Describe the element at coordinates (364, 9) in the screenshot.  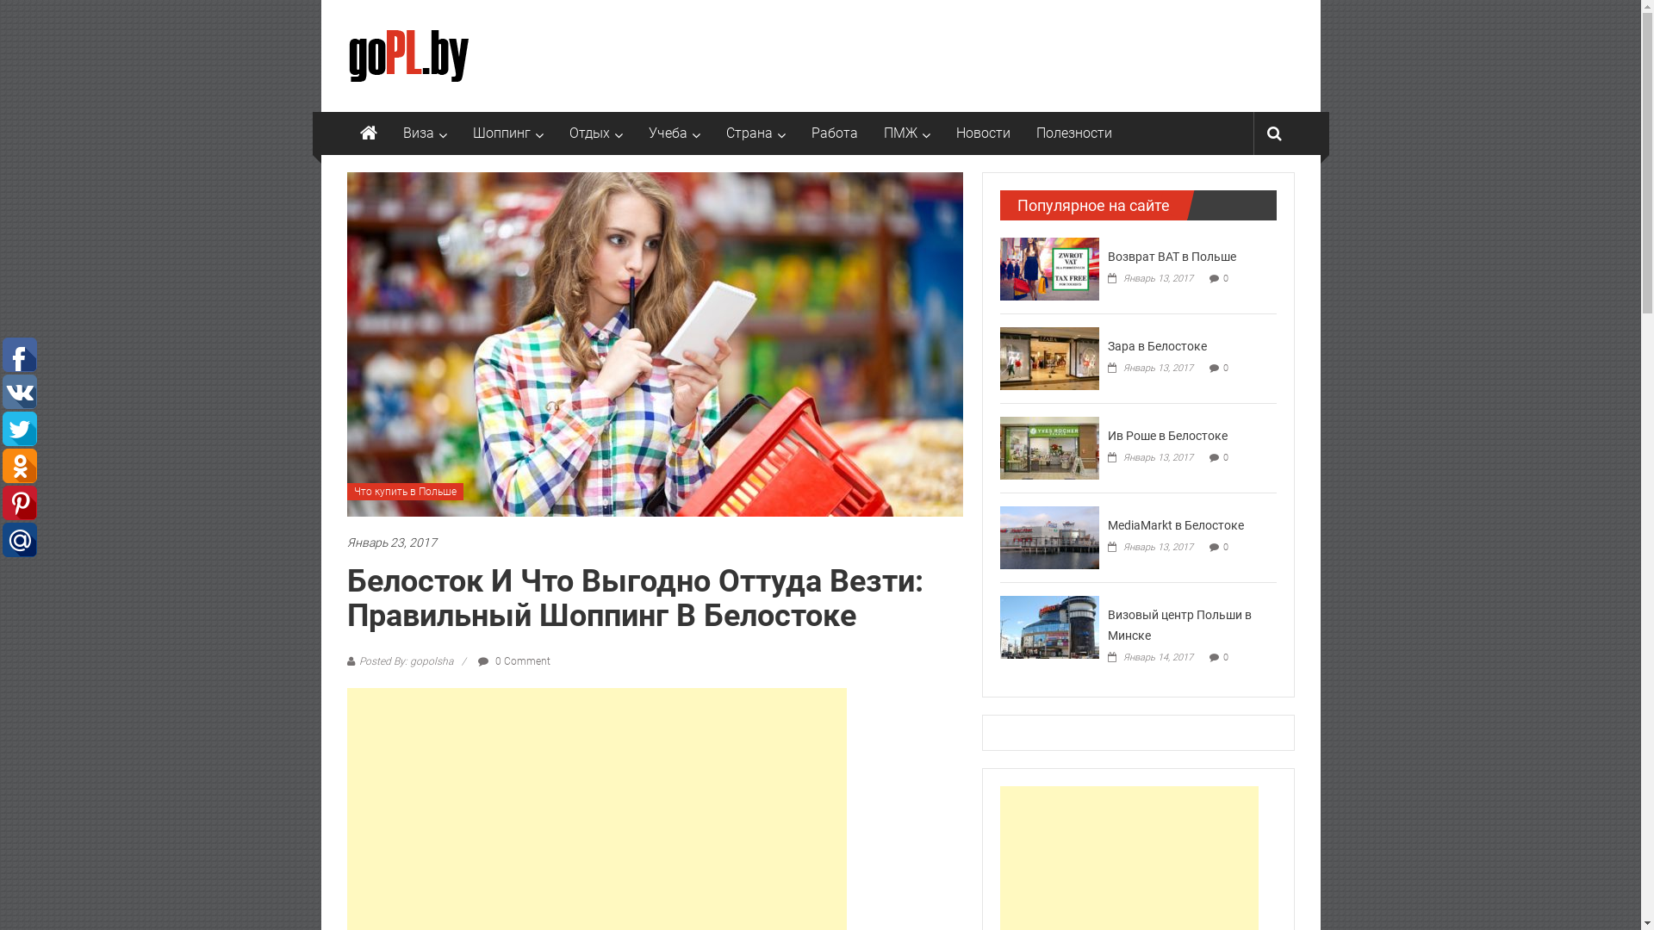
I see `'Skip to content'` at that location.